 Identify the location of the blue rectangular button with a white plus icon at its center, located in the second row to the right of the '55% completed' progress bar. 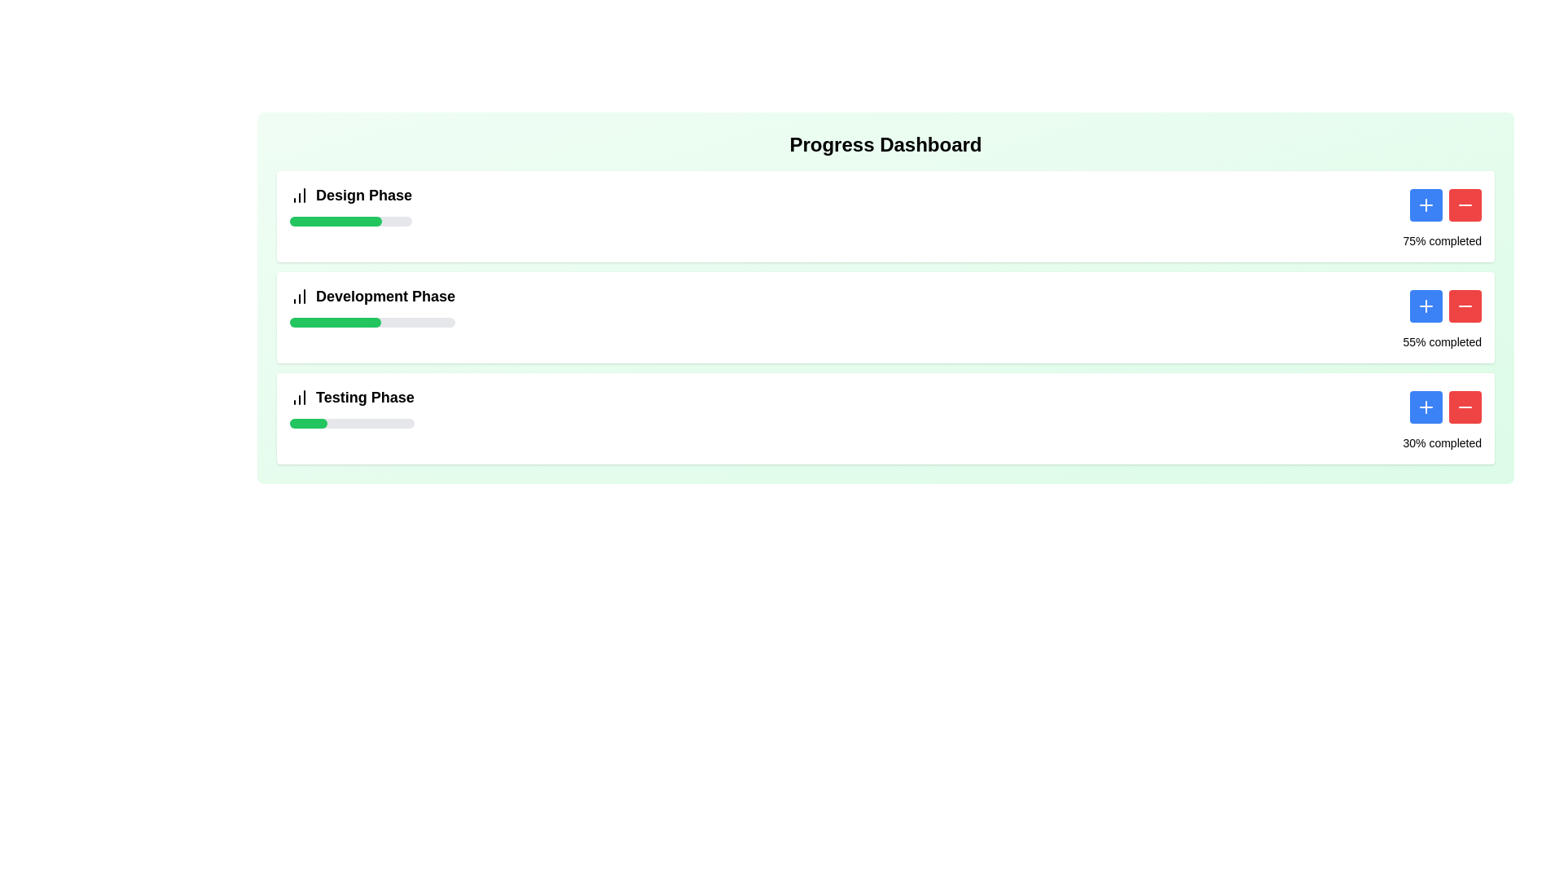
(1426, 306).